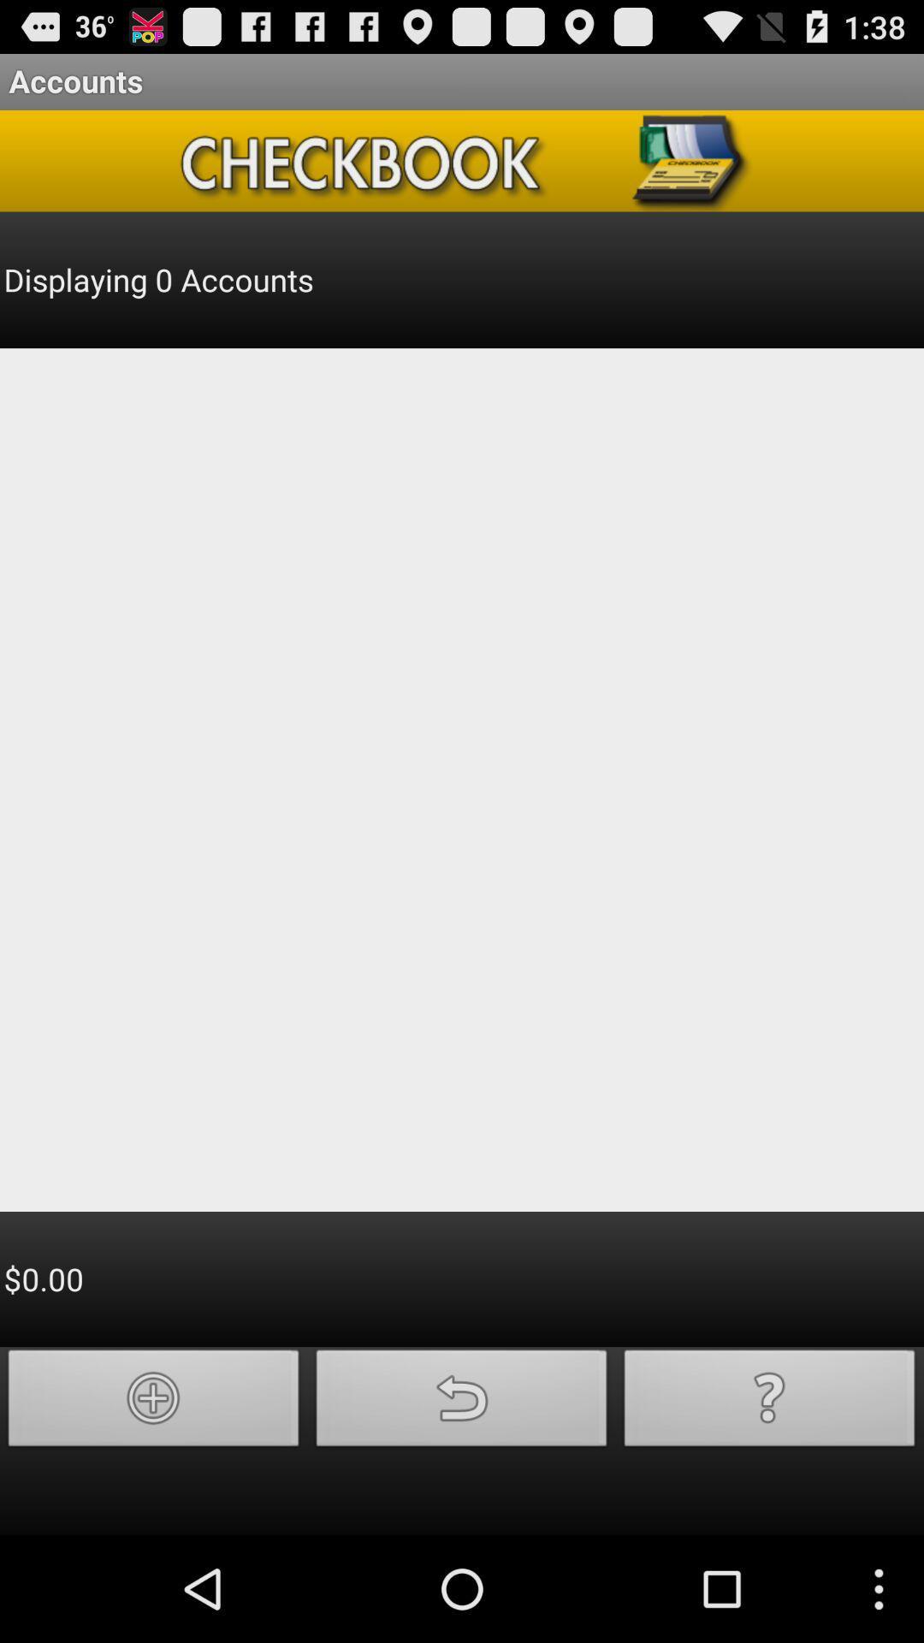 This screenshot has height=1643, width=924. I want to click on purchase, so click(154, 1403).